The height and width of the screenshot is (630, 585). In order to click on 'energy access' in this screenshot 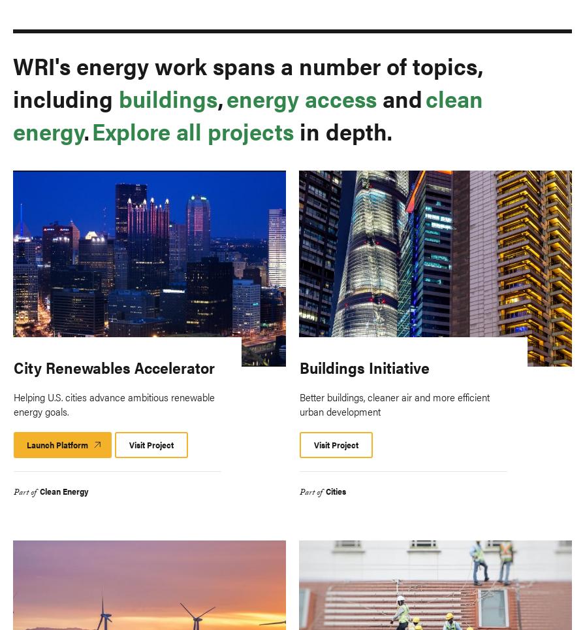, I will do `click(301, 97)`.